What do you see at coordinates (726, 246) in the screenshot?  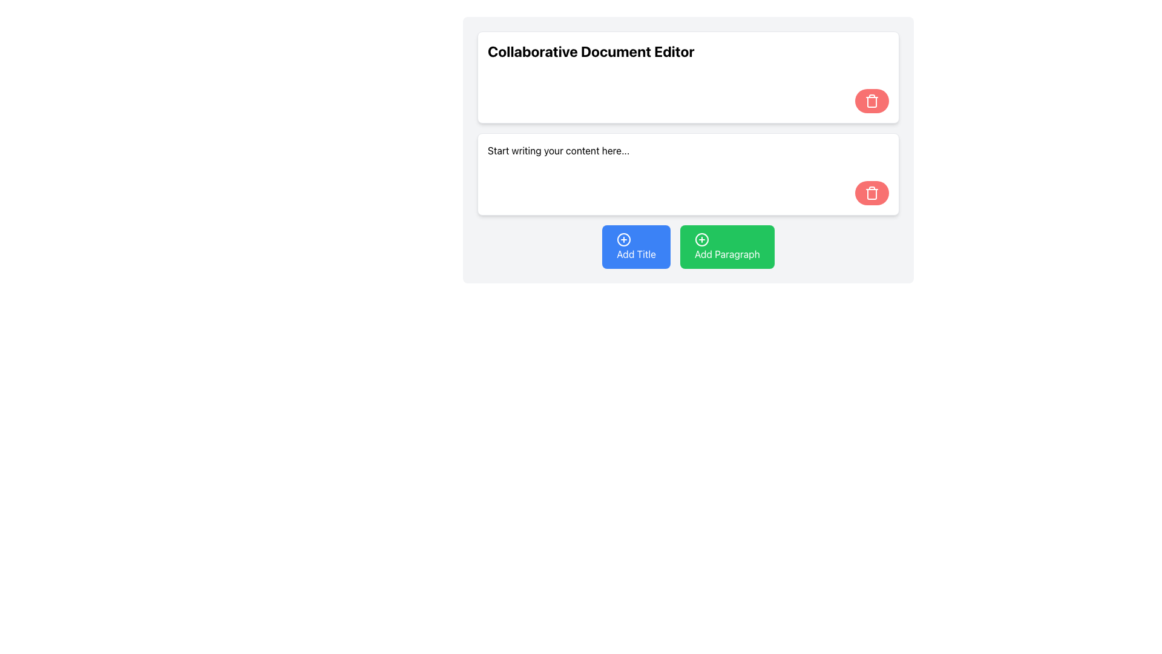 I see `the green rectangular button labeled 'Add Paragraph' with a plus icon` at bounding box center [726, 246].